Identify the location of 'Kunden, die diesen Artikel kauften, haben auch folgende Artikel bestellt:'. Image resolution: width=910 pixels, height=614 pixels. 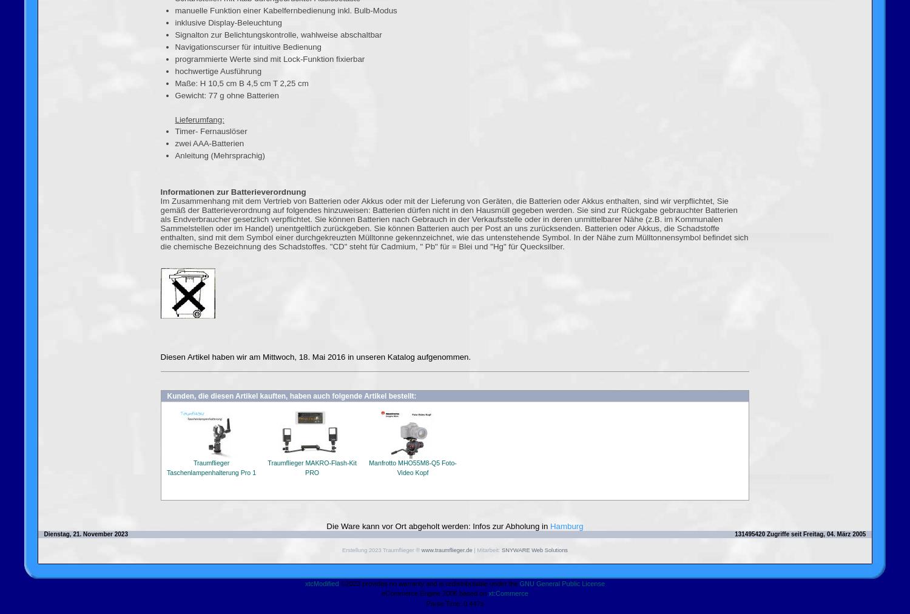
(291, 396).